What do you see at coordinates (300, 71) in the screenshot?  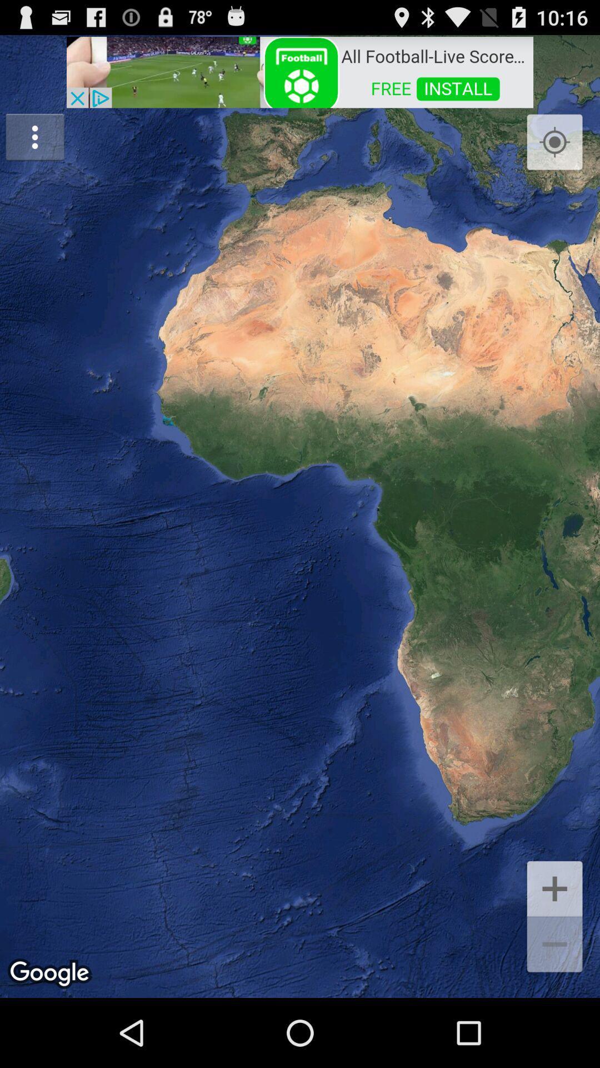 I see `advertisement website` at bounding box center [300, 71].